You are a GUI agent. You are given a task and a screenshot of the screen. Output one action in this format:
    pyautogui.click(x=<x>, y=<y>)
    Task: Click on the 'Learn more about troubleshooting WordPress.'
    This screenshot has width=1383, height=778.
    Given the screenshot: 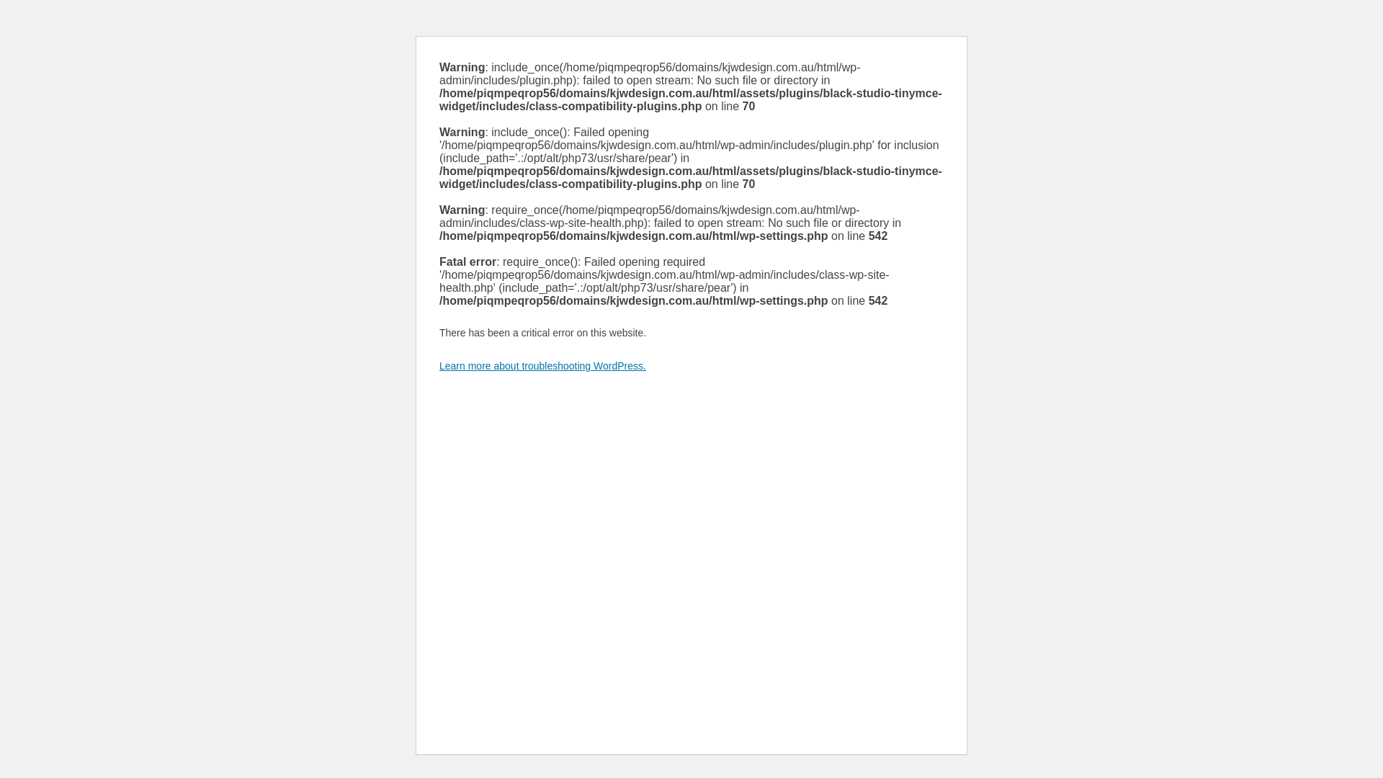 What is the action you would take?
    pyautogui.click(x=542, y=365)
    